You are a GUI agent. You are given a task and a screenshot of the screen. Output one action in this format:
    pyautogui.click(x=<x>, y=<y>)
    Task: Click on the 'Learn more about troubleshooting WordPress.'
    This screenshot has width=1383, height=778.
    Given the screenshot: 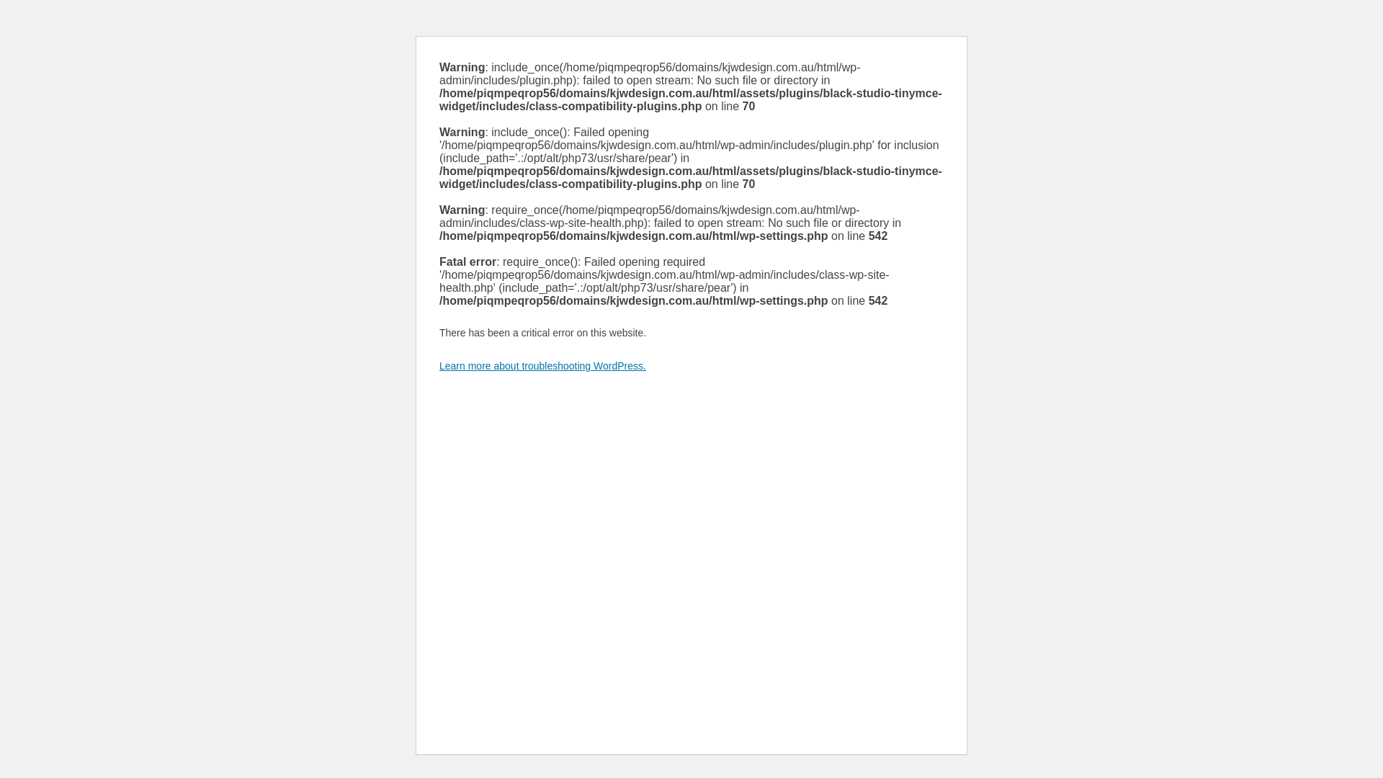 What is the action you would take?
    pyautogui.click(x=542, y=365)
    